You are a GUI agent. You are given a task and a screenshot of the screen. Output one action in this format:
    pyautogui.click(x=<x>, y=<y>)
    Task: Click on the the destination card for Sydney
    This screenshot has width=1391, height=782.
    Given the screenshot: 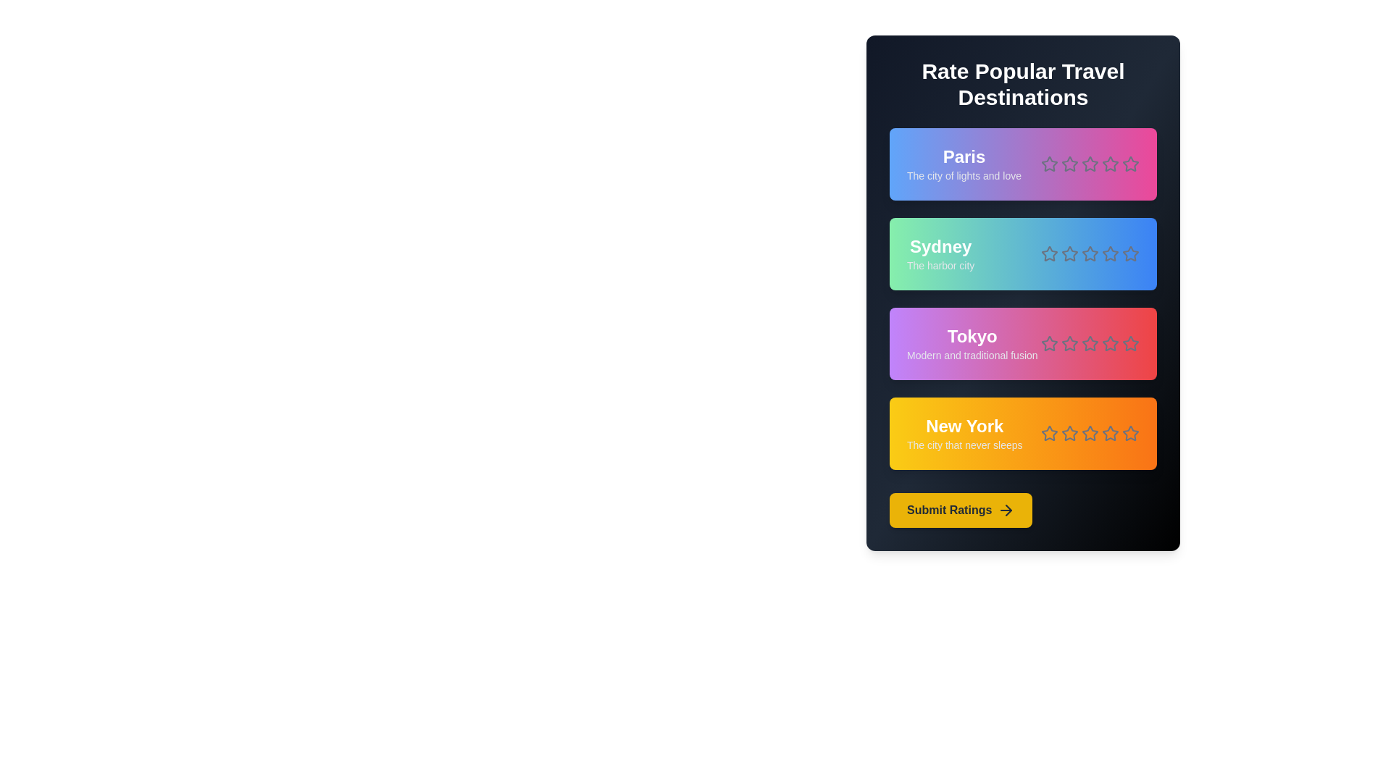 What is the action you would take?
    pyautogui.click(x=1022, y=253)
    